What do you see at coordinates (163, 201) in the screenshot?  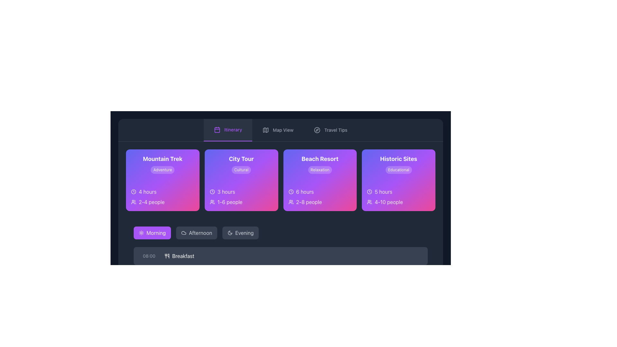 I see `the icon associated with the text label indicating the recommended number of participants for the 'Mountain Trek' activity, located in the lower section of the first card` at bounding box center [163, 201].